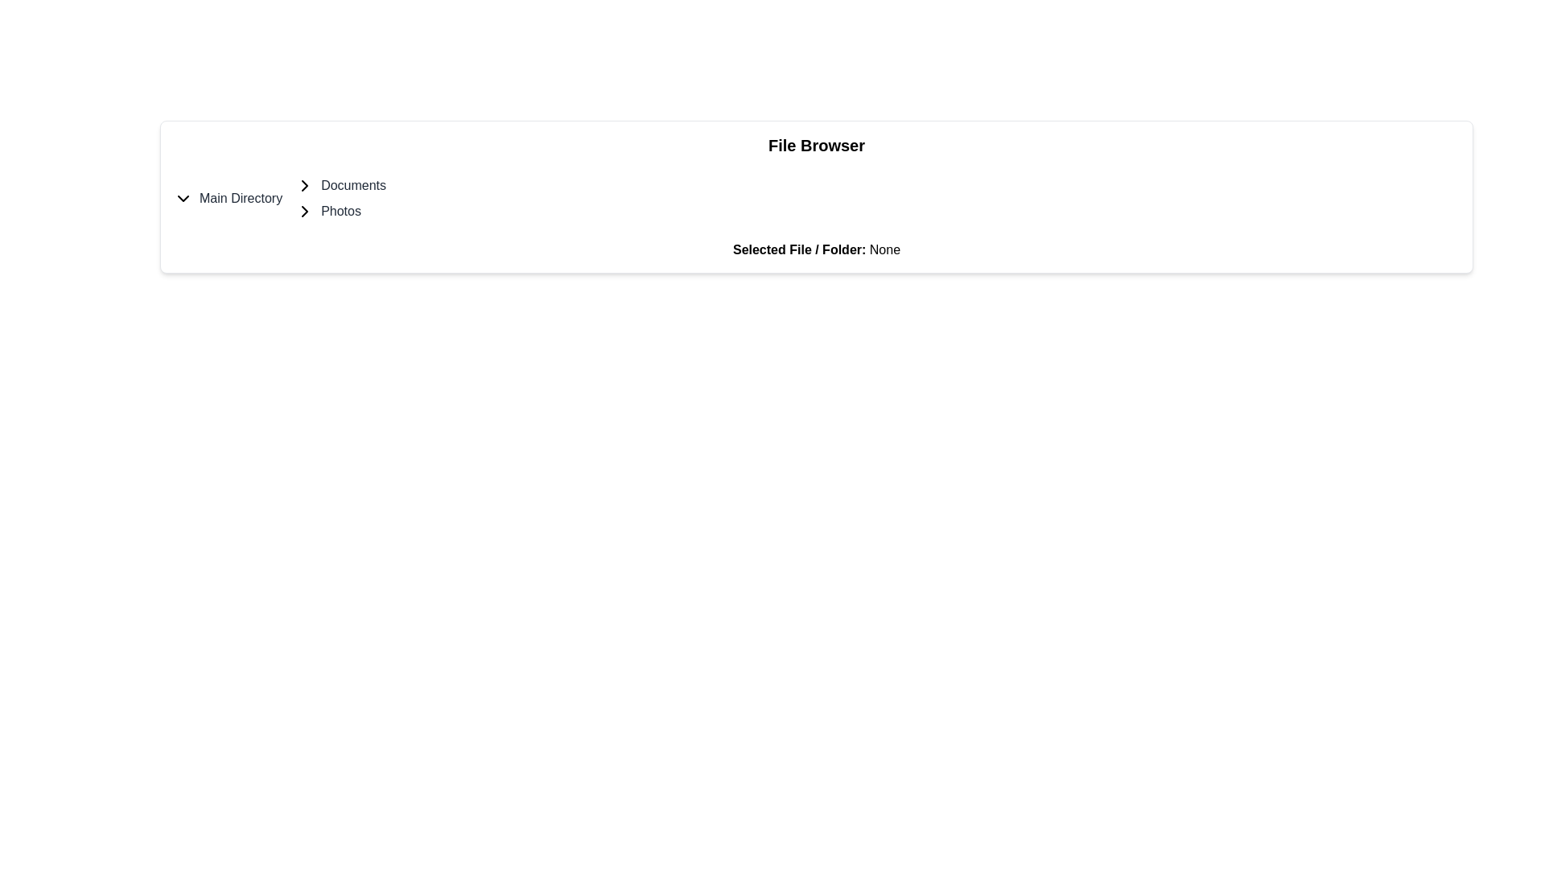  Describe the element at coordinates (340, 210) in the screenshot. I see `the non-interactive text label for the subcategory 'Photos' located in the second row of entries under 'Main Directory'` at that location.